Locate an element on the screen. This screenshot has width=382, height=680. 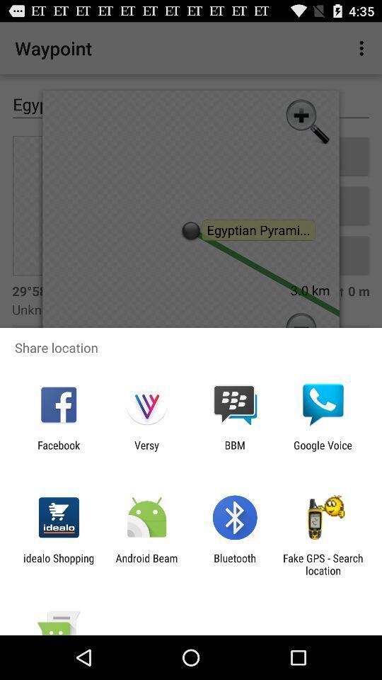
the facebook is located at coordinates (58, 450).